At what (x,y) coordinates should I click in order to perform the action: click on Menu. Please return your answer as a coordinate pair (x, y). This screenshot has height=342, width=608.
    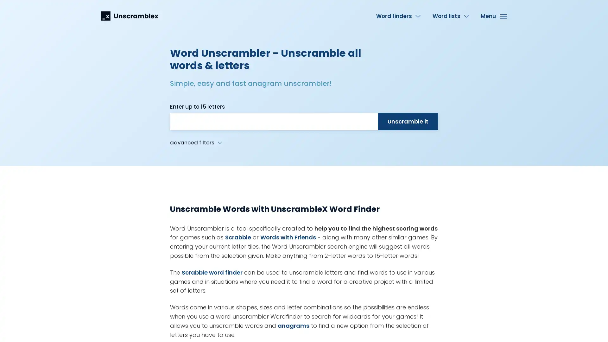
    Looking at the image, I should click on (493, 16).